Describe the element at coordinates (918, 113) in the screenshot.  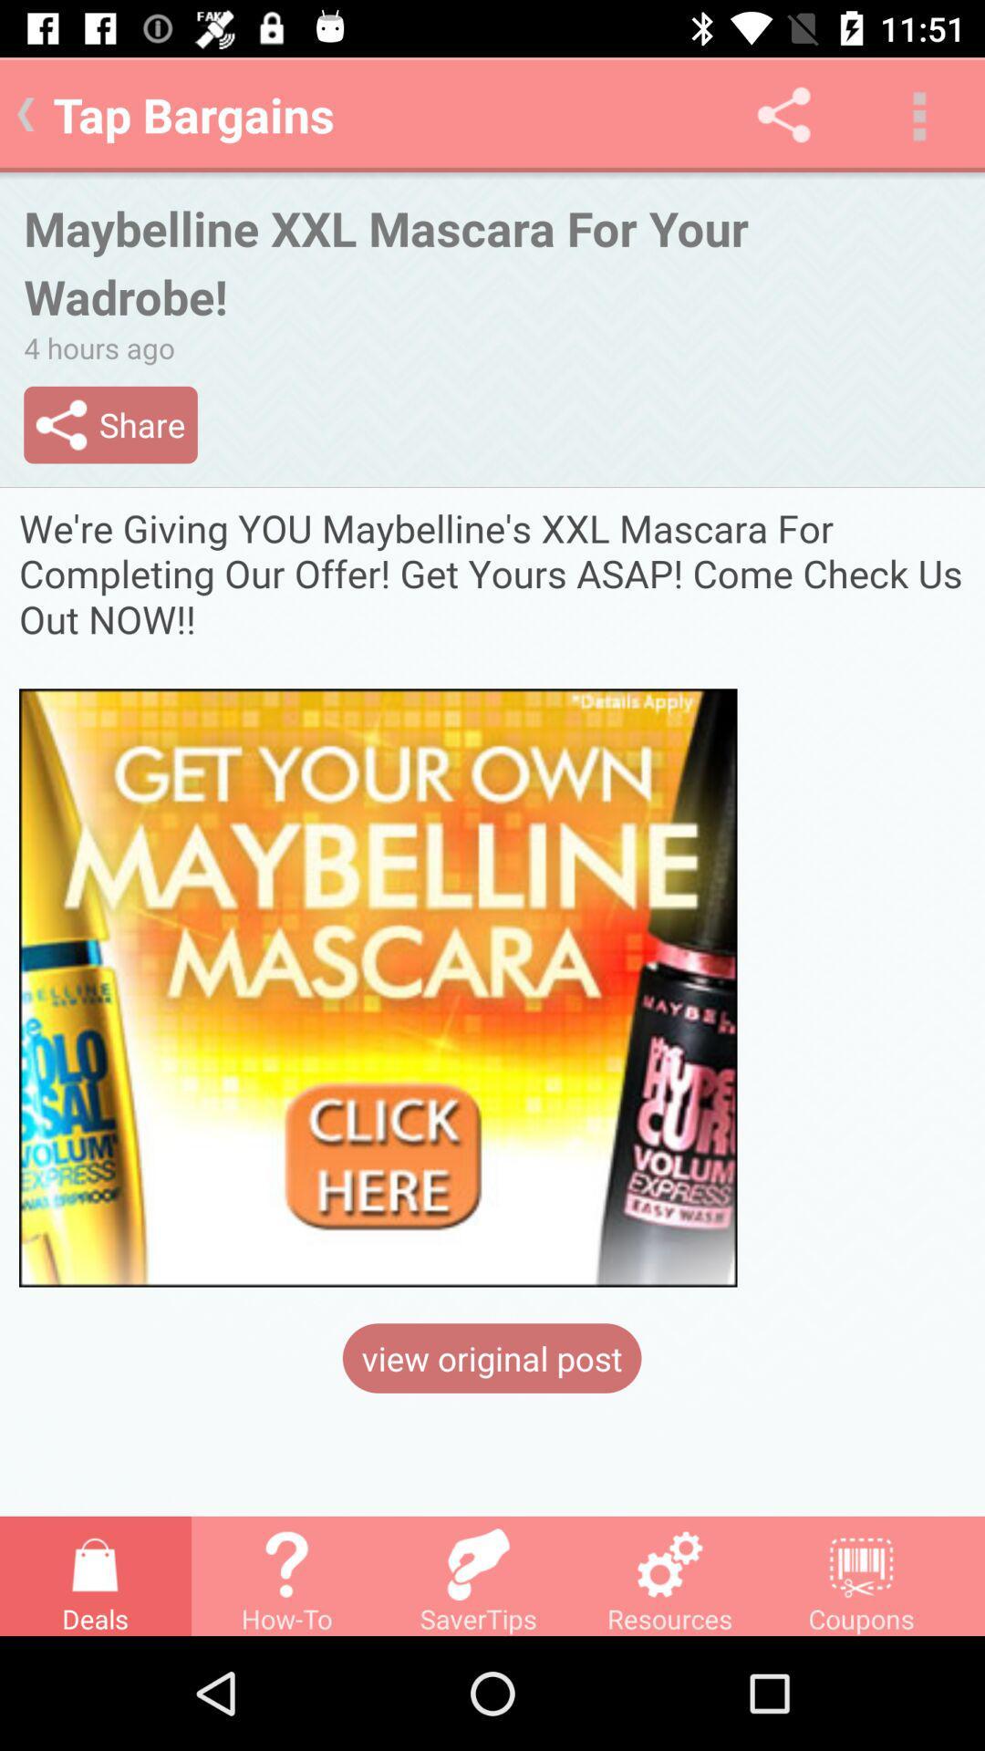
I see `the more icon` at that location.